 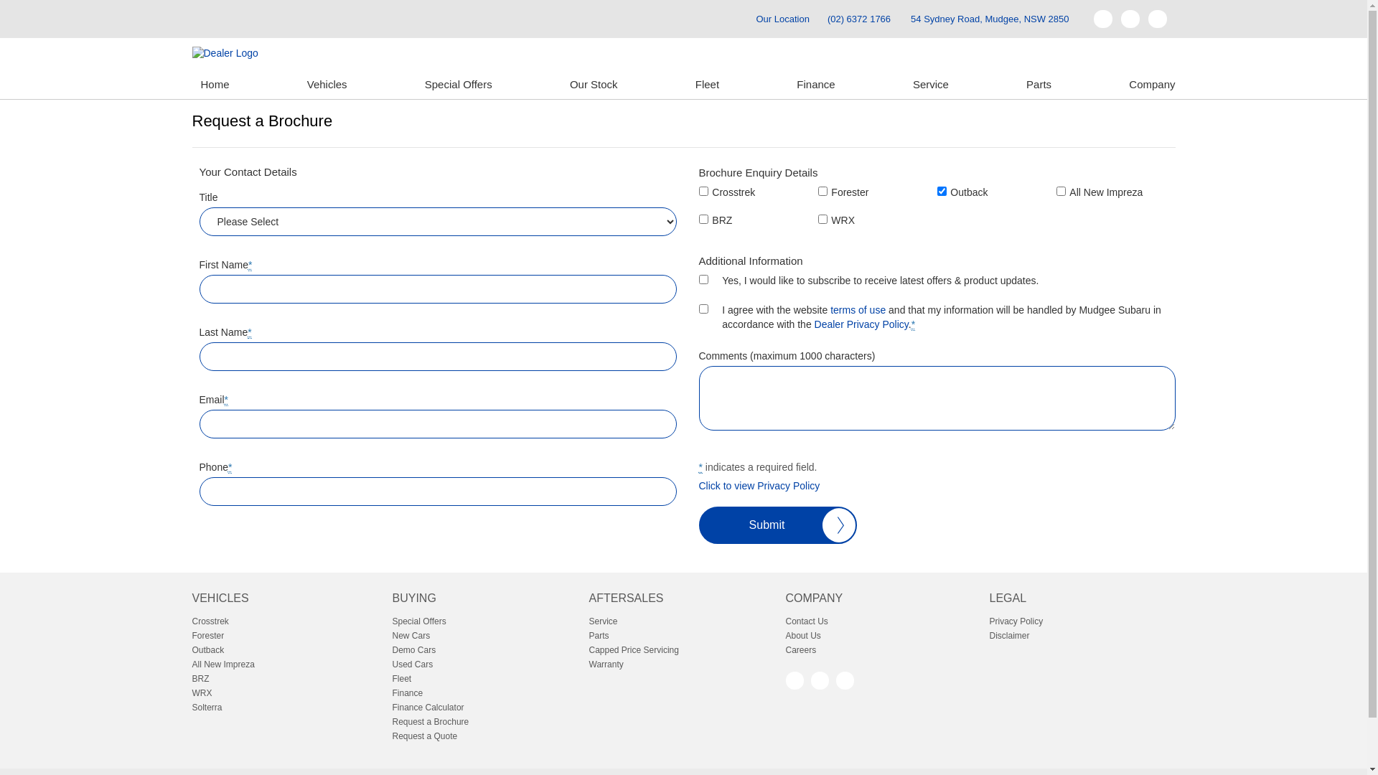 I want to click on 'GooglePlus', so click(x=810, y=680).